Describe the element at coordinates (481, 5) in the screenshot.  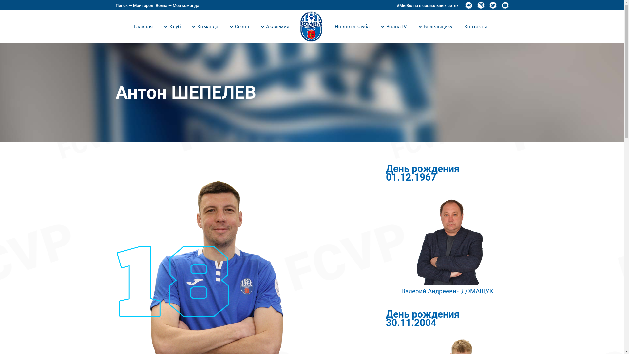
I see `'Instagram'` at that location.